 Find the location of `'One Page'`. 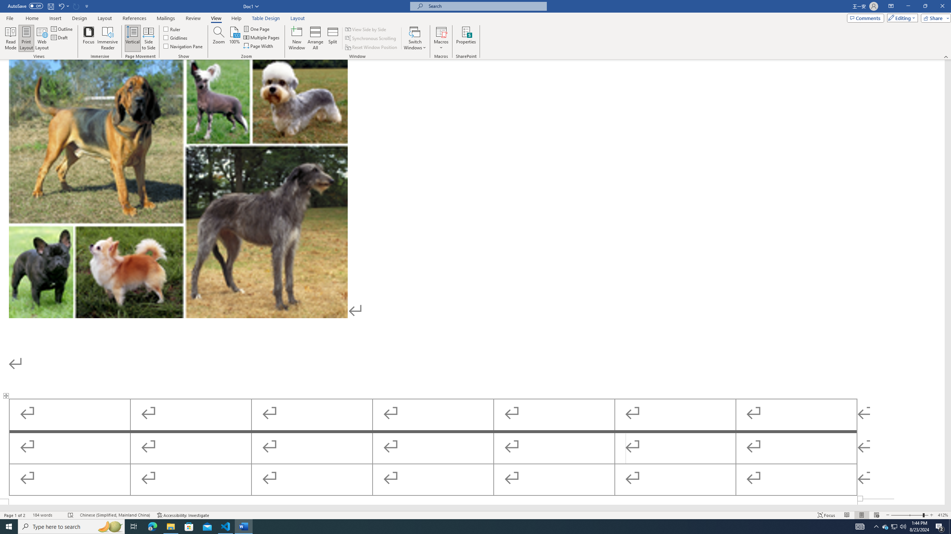

'One Page' is located at coordinates (257, 29).